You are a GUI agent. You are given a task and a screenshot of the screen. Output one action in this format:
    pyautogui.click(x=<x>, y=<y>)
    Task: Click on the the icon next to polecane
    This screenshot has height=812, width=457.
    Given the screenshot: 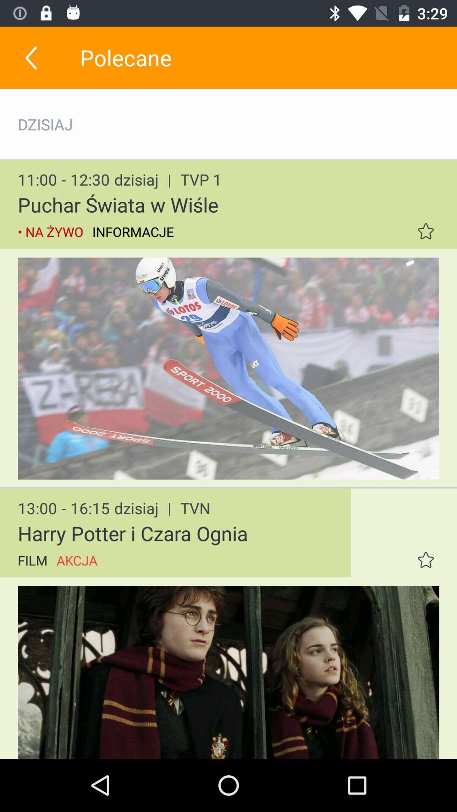 What is the action you would take?
    pyautogui.click(x=30, y=57)
    